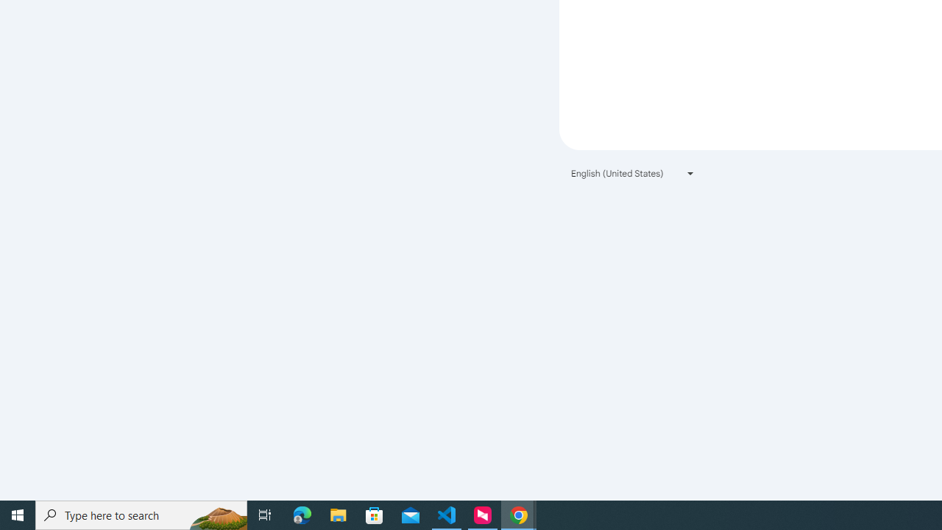 This screenshot has height=530, width=942. I want to click on 'English (United States)', so click(633, 172).